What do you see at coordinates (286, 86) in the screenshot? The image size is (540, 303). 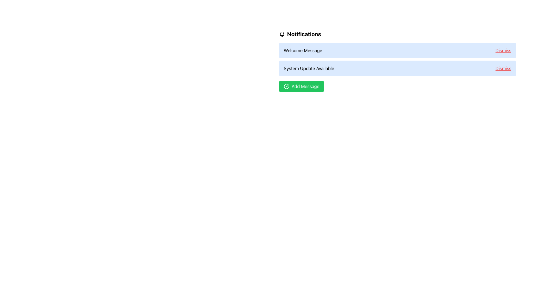 I see `the affirmative icon located to the left of the 'Add Message' label text, which is part of a green button below the main notification list` at bounding box center [286, 86].